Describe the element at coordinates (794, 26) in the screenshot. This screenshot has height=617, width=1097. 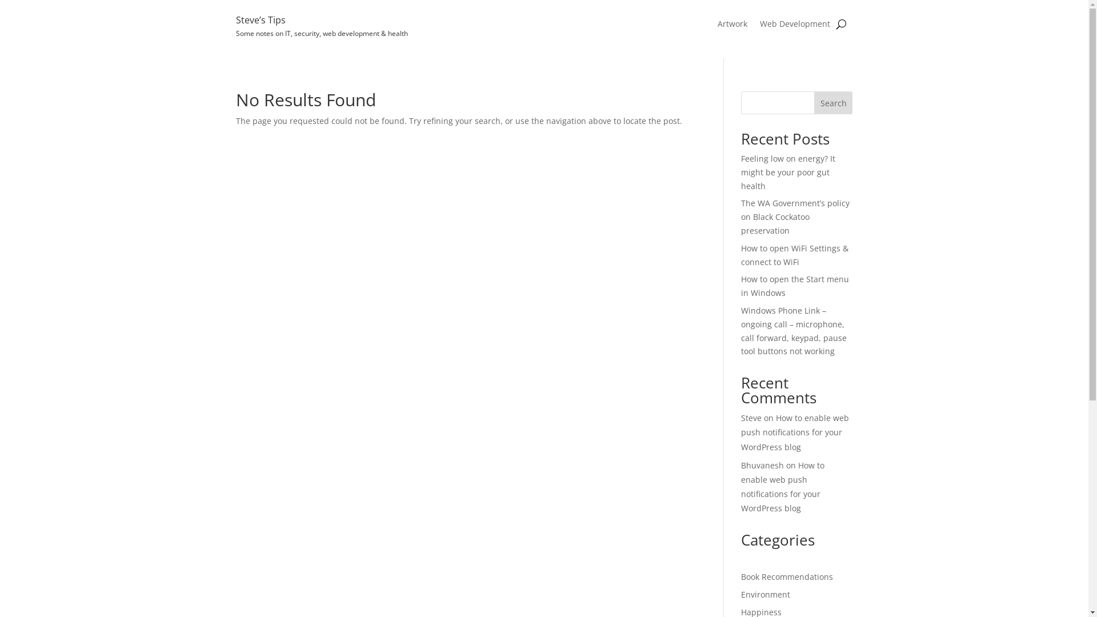
I see `'Web Development'` at that location.